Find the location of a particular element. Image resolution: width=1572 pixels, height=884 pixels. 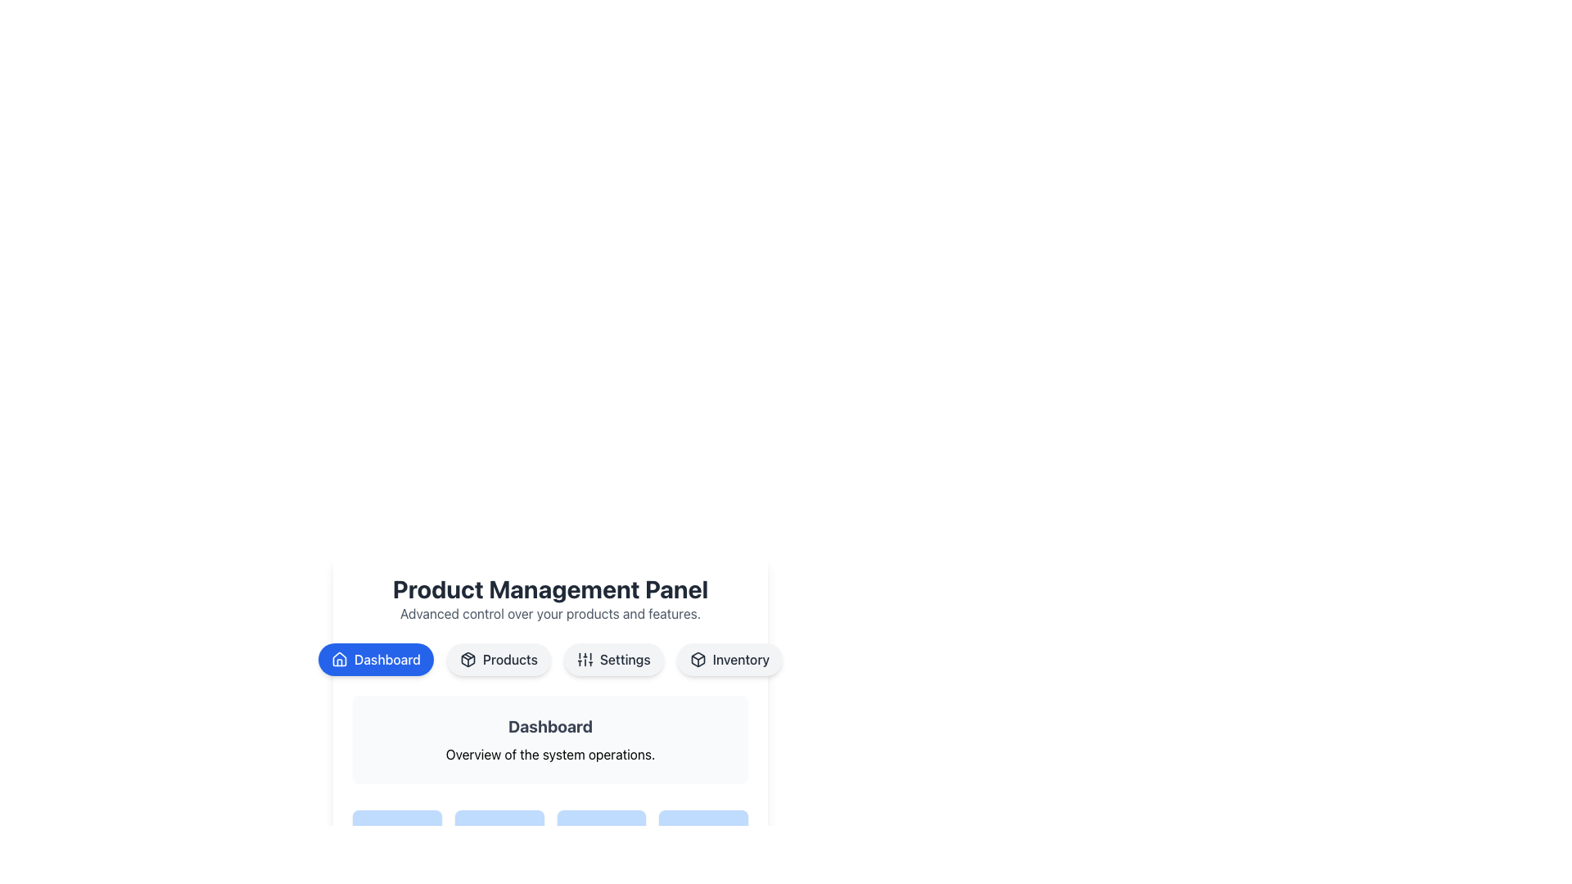

the 'Products' button, which is a rounded rectangular button with a light gray background and dark gray text, located in the navigation bar between the 'Dashboard' and 'Settings' buttons is located at coordinates (498, 659).